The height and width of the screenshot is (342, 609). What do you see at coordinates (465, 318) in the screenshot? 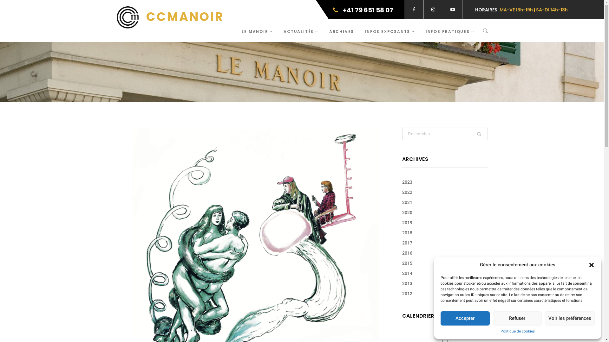
I see `'Accepter'` at bounding box center [465, 318].